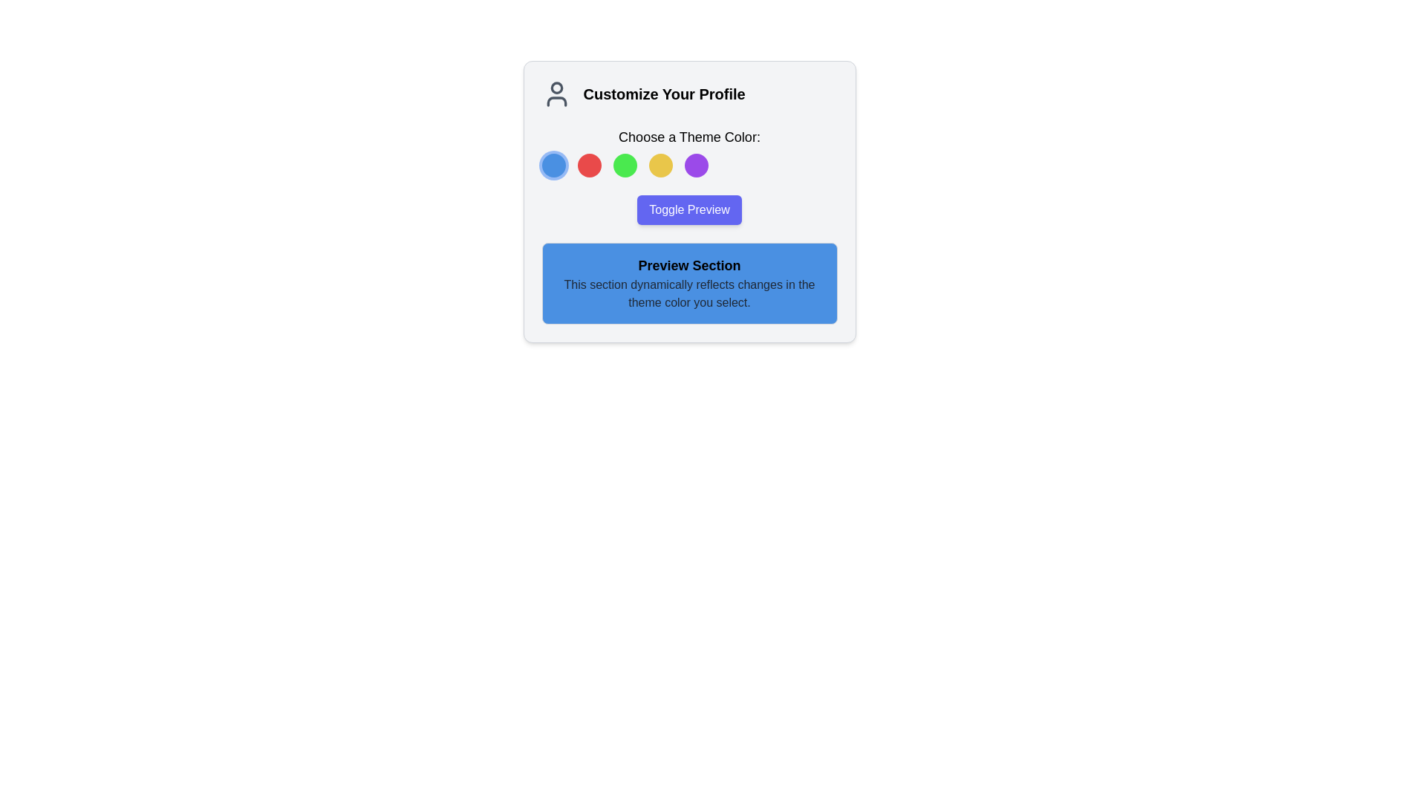  I want to click on the circular graphical component representing the user profile icon, so click(556, 88).